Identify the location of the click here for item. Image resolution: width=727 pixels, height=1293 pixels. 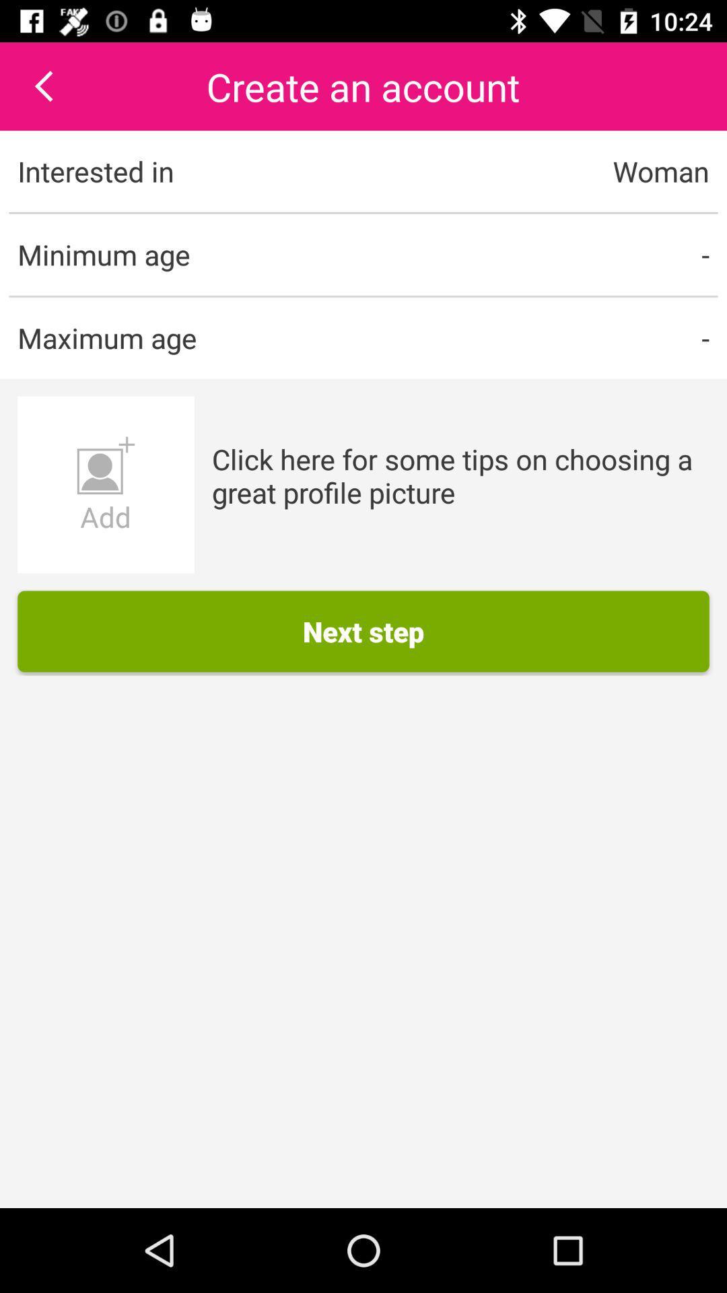
(460, 475).